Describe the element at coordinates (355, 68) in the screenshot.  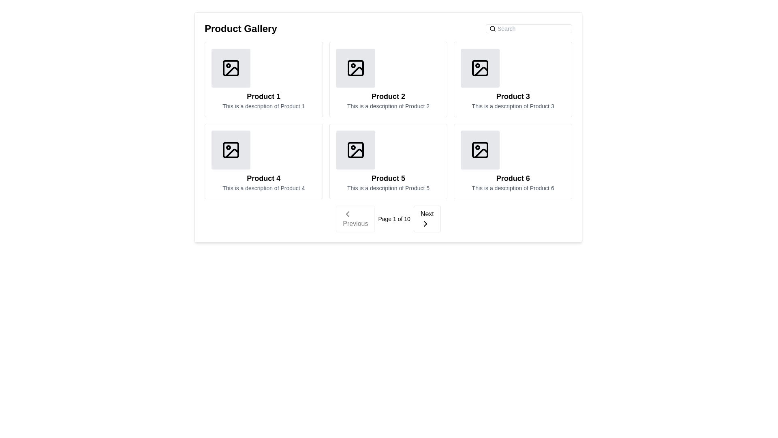
I see `the Image Placeholder Icon located in the second box of the first row in the grid layout labeled 'Product 2' to interact with it` at that location.